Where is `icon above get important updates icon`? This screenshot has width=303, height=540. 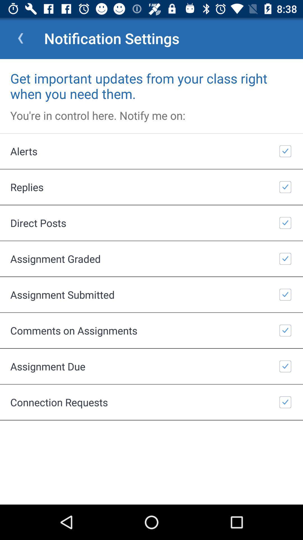
icon above get important updates icon is located at coordinates (20, 38).